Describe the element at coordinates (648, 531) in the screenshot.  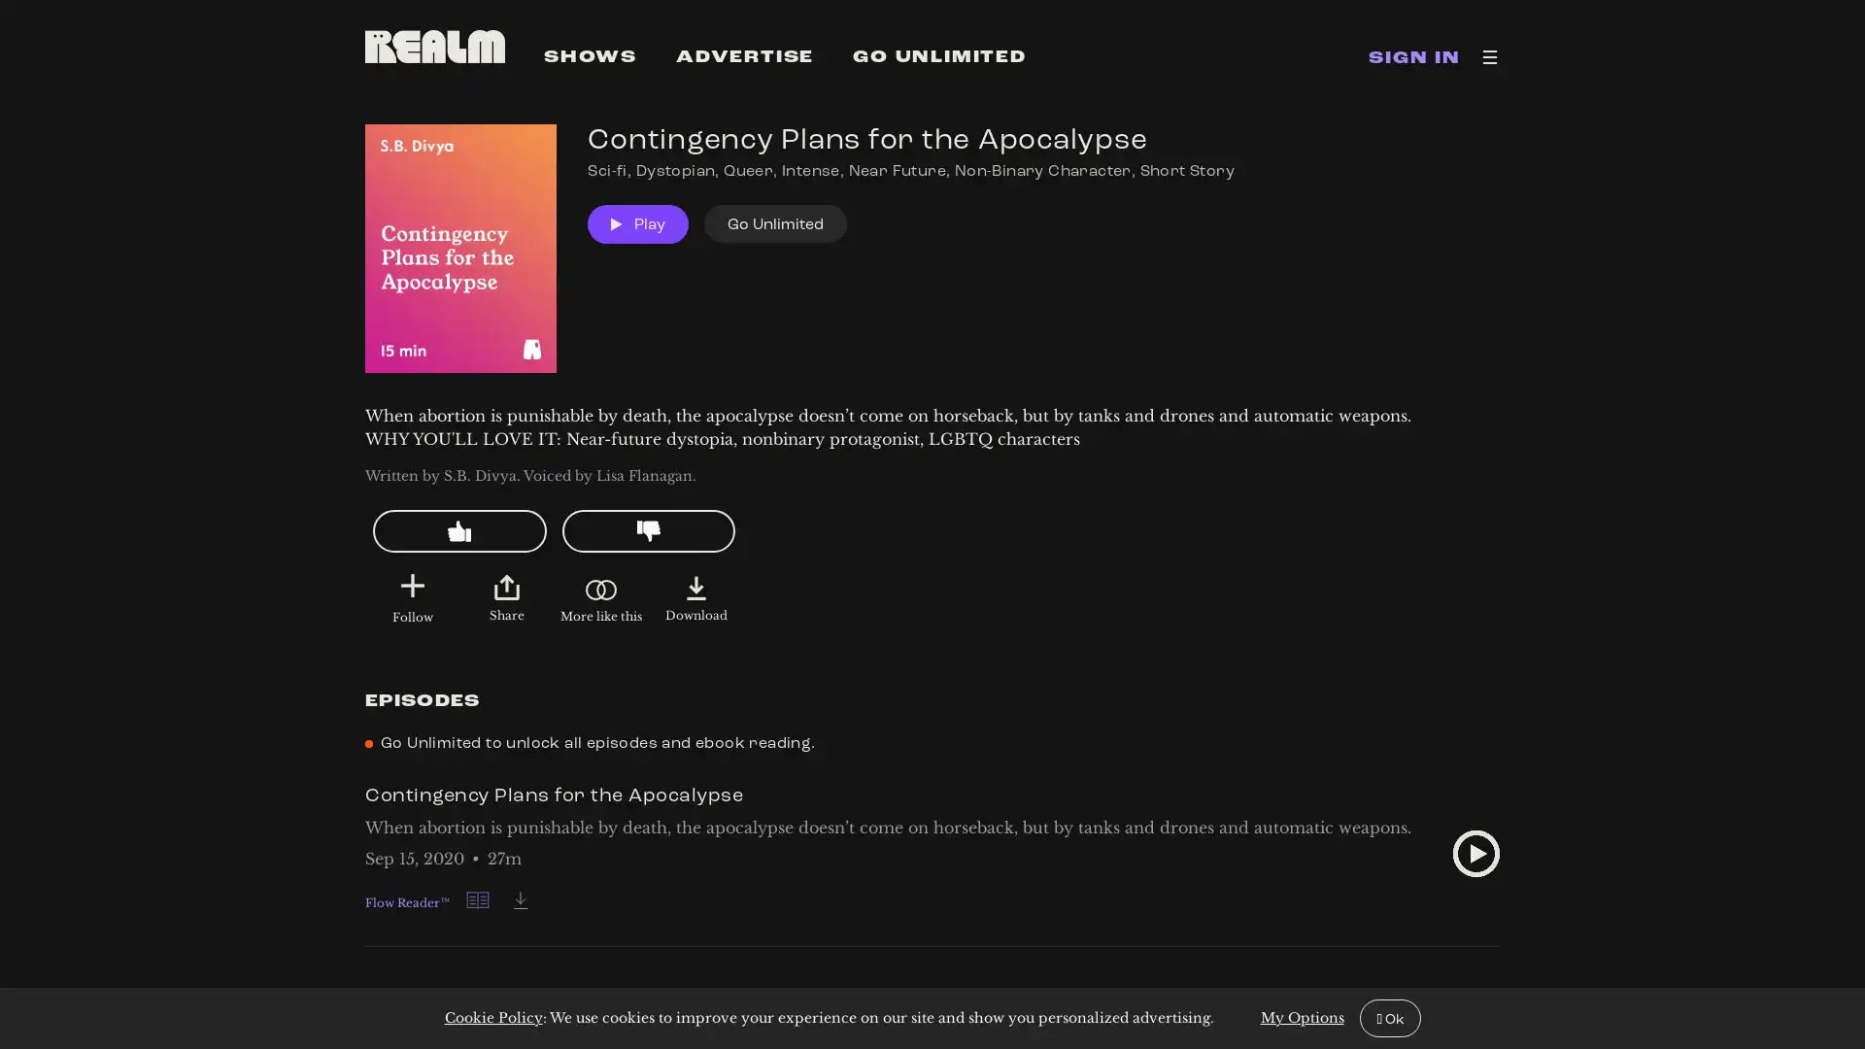
I see `dislike` at that location.